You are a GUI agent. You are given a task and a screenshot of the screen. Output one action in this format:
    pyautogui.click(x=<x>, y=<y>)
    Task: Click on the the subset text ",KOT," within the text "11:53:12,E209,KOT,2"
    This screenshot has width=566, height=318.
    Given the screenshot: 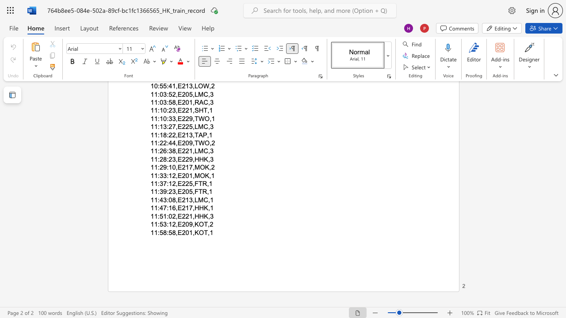 What is the action you would take?
    pyautogui.click(x=192, y=224)
    